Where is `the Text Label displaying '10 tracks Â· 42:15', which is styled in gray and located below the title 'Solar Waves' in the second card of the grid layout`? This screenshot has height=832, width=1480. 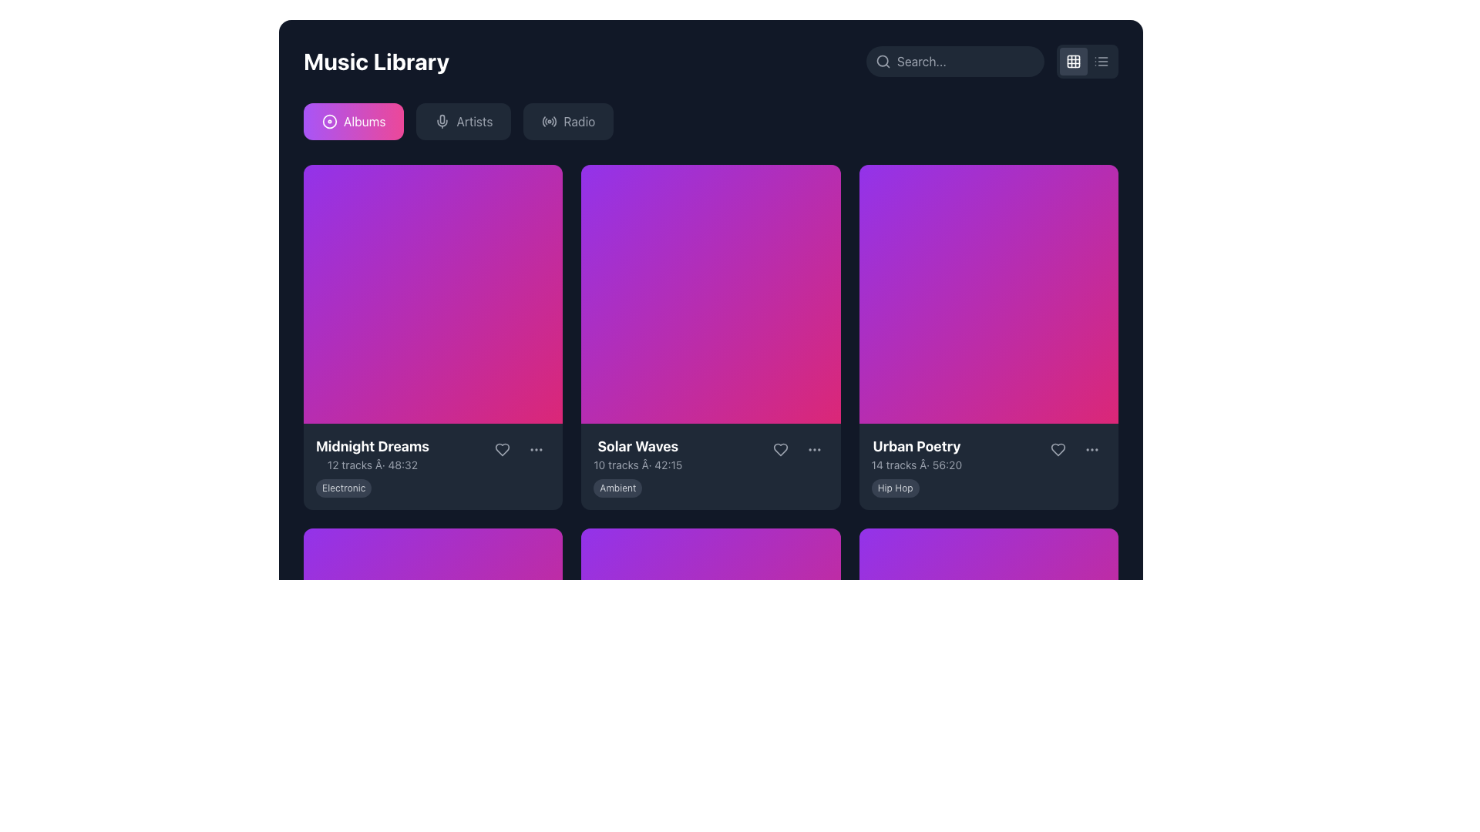
the Text Label displaying '10 tracks Â· 42:15', which is styled in gray and located below the title 'Solar Waves' in the second card of the grid layout is located at coordinates (637, 465).